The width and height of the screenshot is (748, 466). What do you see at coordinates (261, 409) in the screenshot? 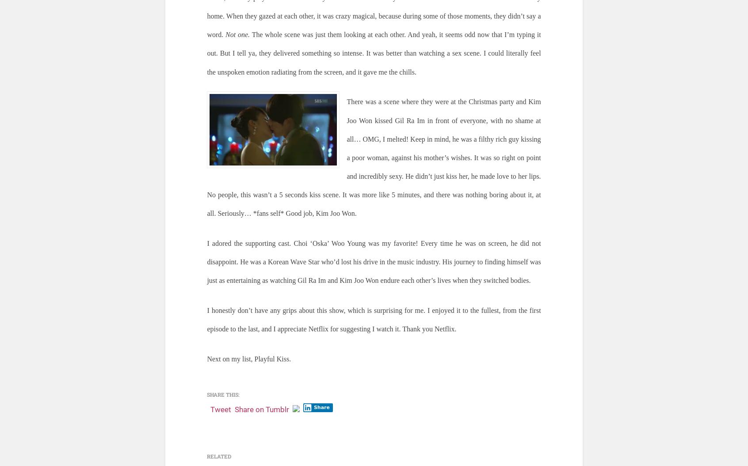
I see `'Share on Tumblr'` at bounding box center [261, 409].